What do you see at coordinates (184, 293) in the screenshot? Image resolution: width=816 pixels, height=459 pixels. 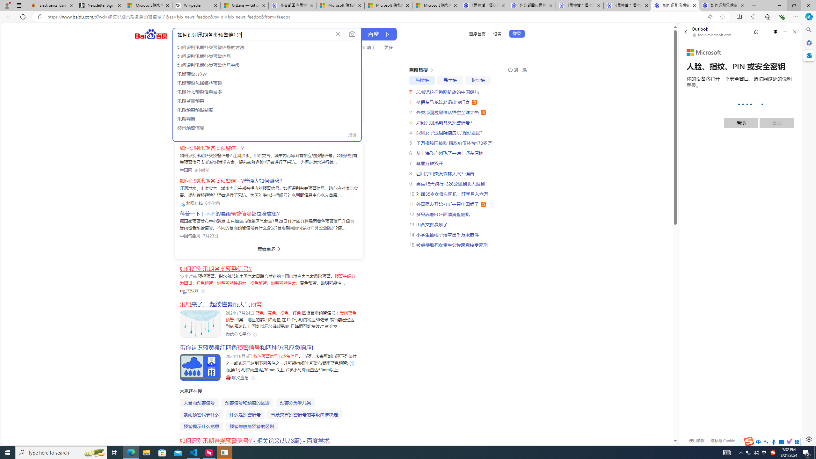 I see `'Class: vip-icon_kNmNt'` at bounding box center [184, 293].